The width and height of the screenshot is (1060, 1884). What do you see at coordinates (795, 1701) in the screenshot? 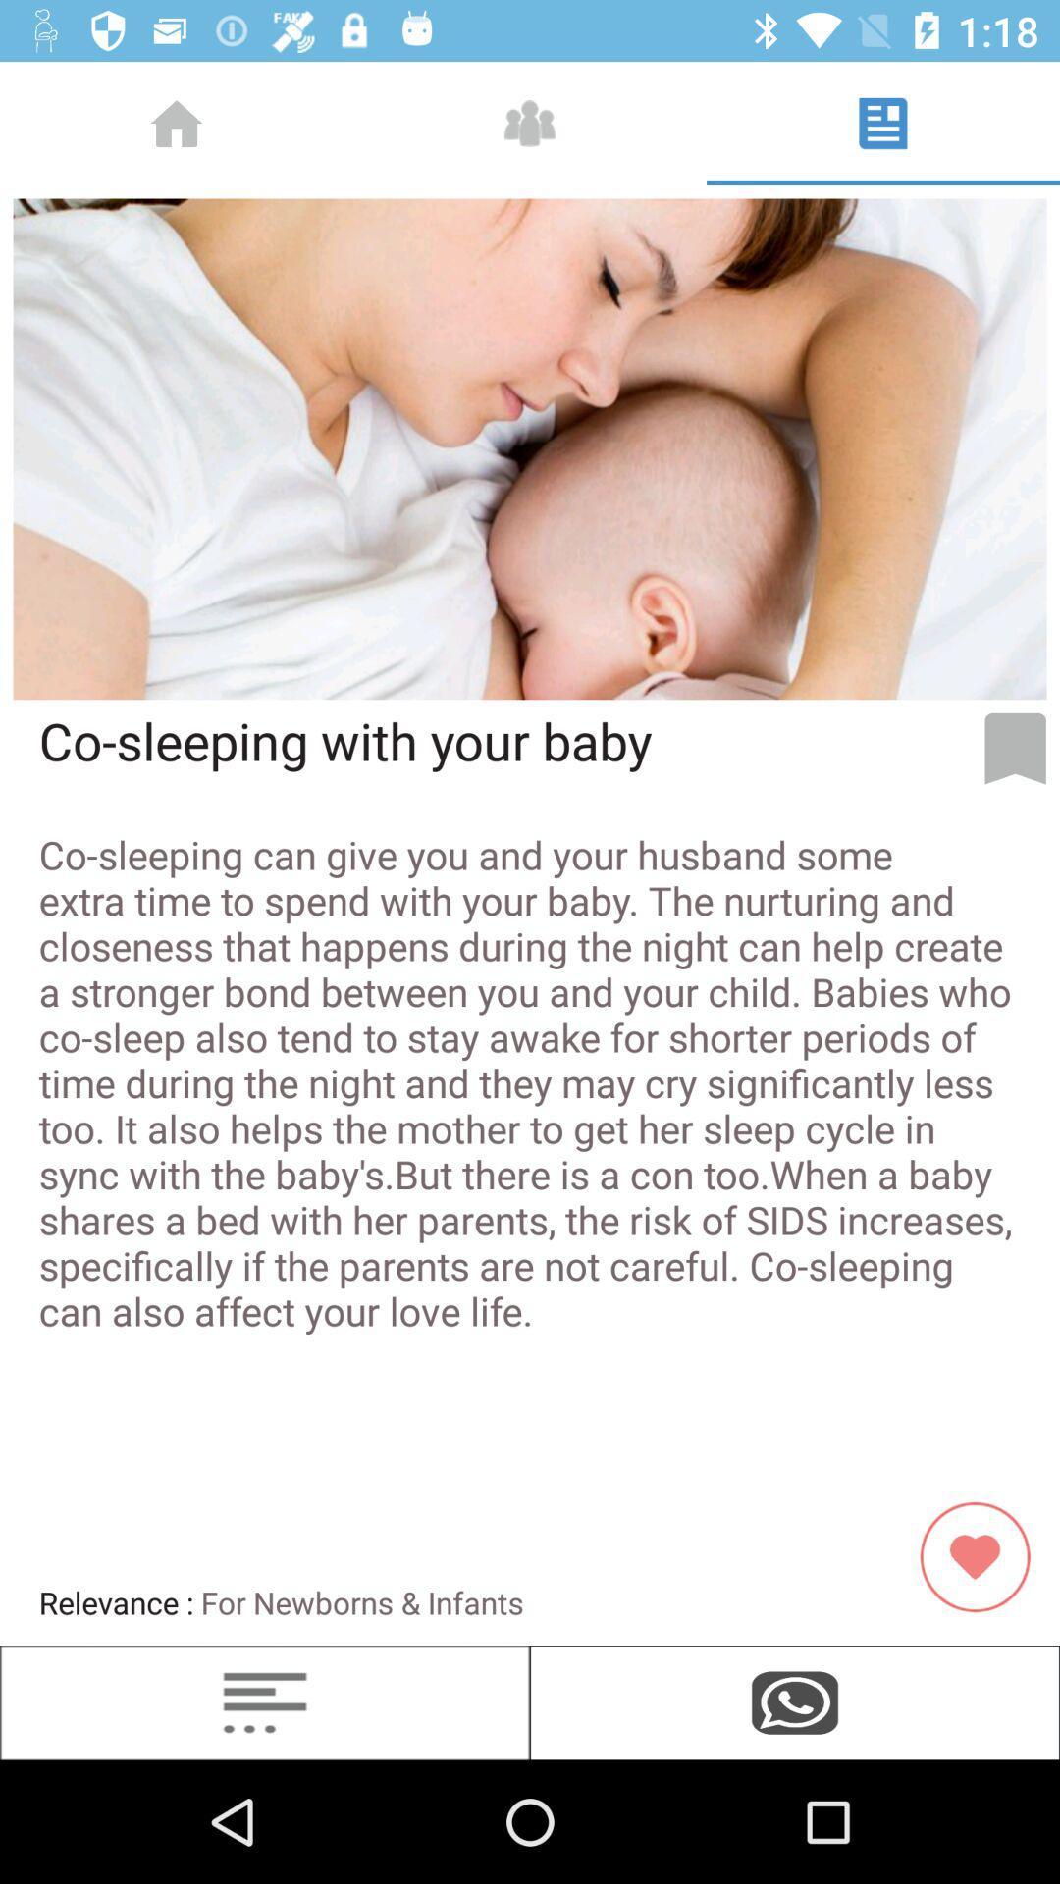
I see `the whatsapp logo at the bottom of the page` at bounding box center [795, 1701].